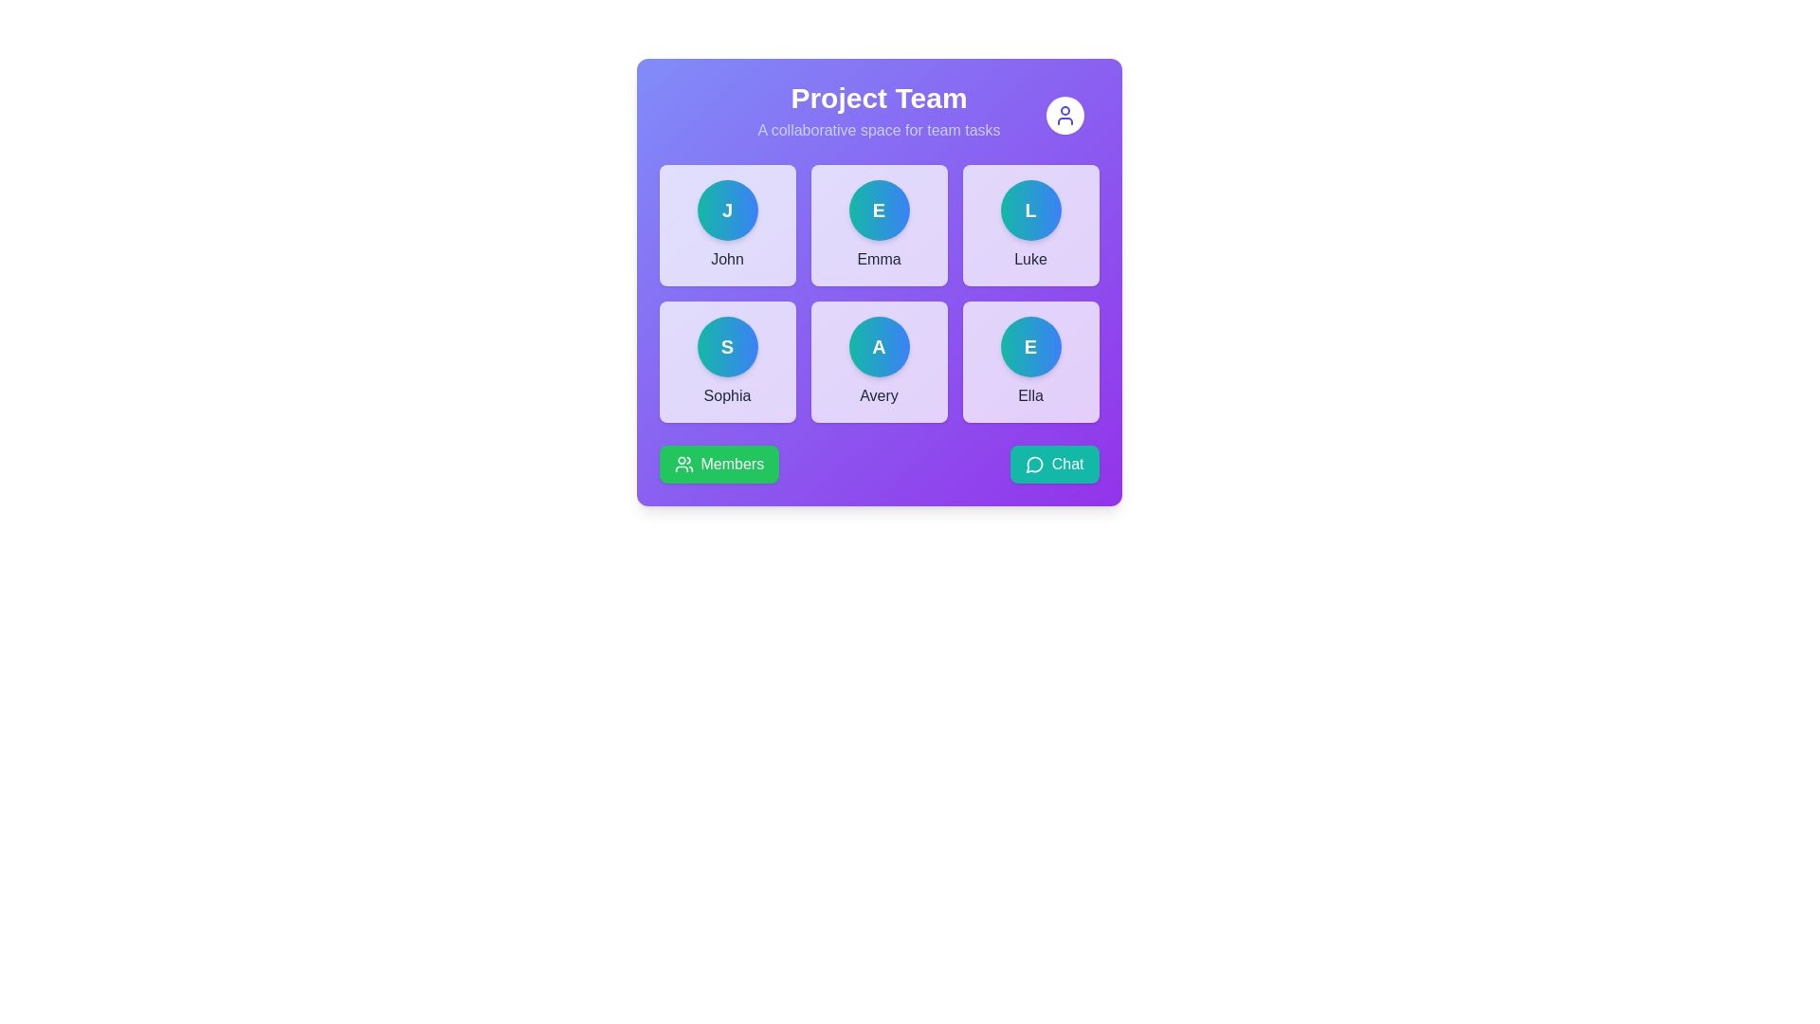 This screenshot has height=1024, width=1820. What do you see at coordinates (878, 394) in the screenshot?
I see `the label displaying the text 'Avery' located at the center bottom of the card below the icon with the letter 'A'` at bounding box center [878, 394].